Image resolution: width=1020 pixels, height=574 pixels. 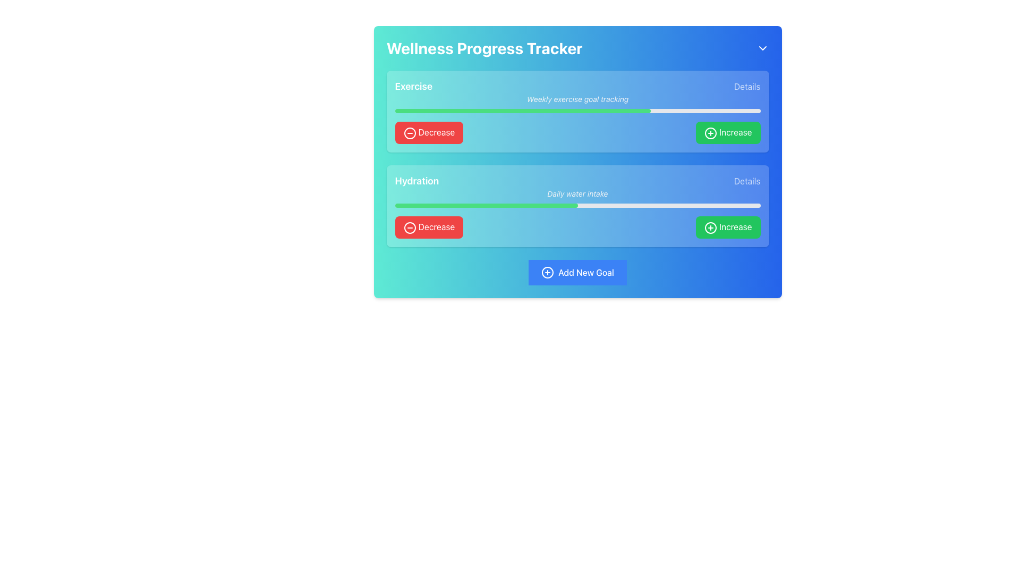 What do you see at coordinates (746, 86) in the screenshot?
I see `the 'Details' button, which is a text button with white font on a blue background, to increase its opacity` at bounding box center [746, 86].